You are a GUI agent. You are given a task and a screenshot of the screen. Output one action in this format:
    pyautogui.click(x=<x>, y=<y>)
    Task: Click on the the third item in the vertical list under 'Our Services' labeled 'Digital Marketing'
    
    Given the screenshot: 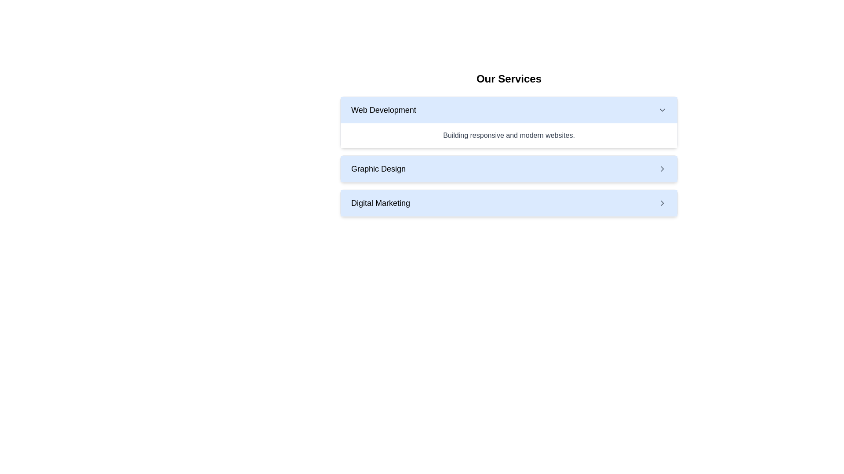 What is the action you would take?
    pyautogui.click(x=509, y=203)
    